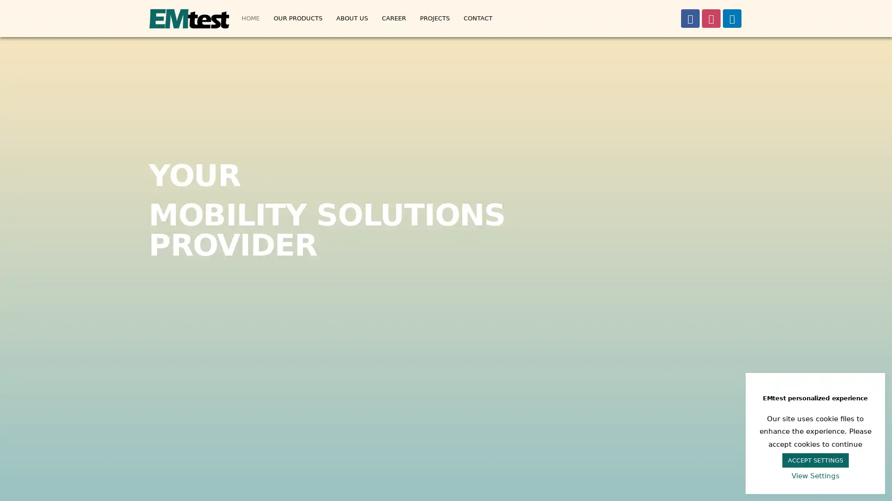 This screenshot has height=501, width=892. What do you see at coordinates (814, 460) in the screenshot?
I see `ACCEPT SETTINGS` at bounding box center [814, 460].